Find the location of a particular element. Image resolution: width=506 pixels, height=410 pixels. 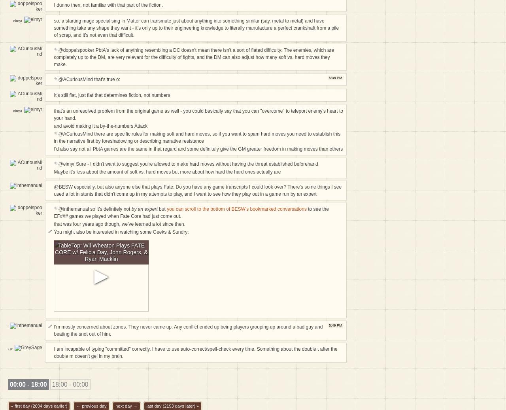

'@ACuriousMind that's true o:' is located at coordinates (89, 79).